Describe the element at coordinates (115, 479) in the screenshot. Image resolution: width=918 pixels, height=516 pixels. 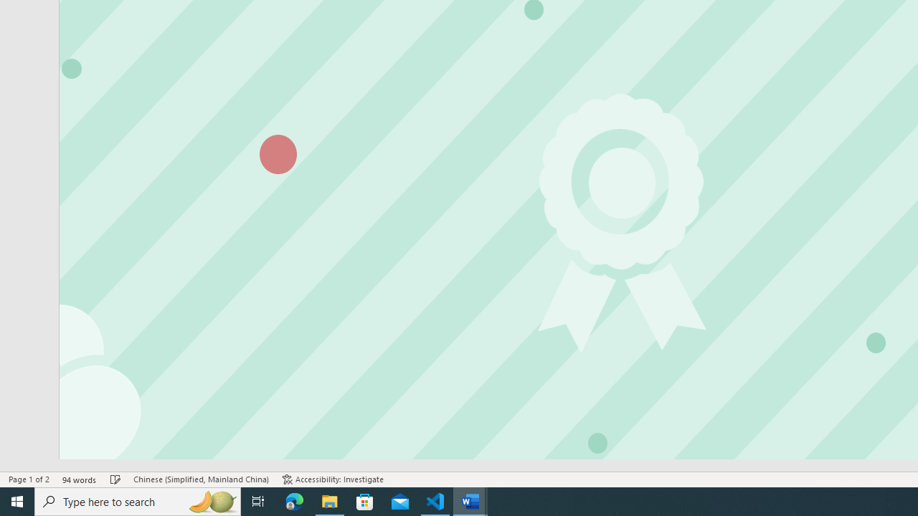
I see `'Spelling and Grammar Check Checking'` at that location.